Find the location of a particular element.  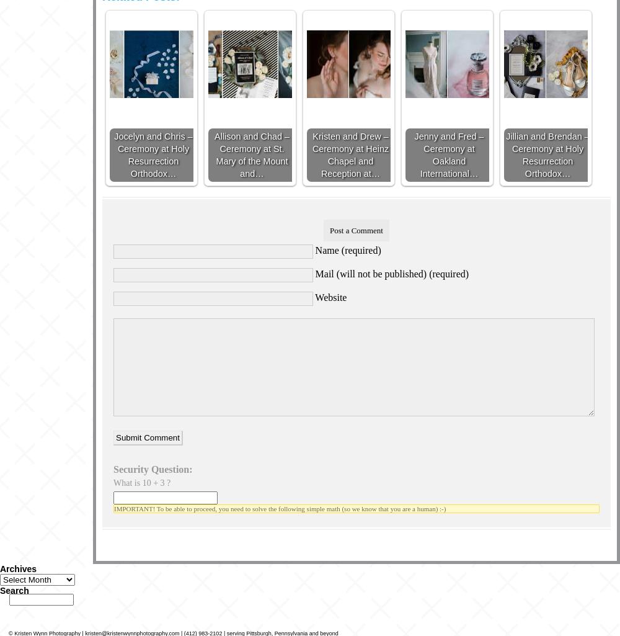

'Security Question:' is located at coordinates (152, 468).